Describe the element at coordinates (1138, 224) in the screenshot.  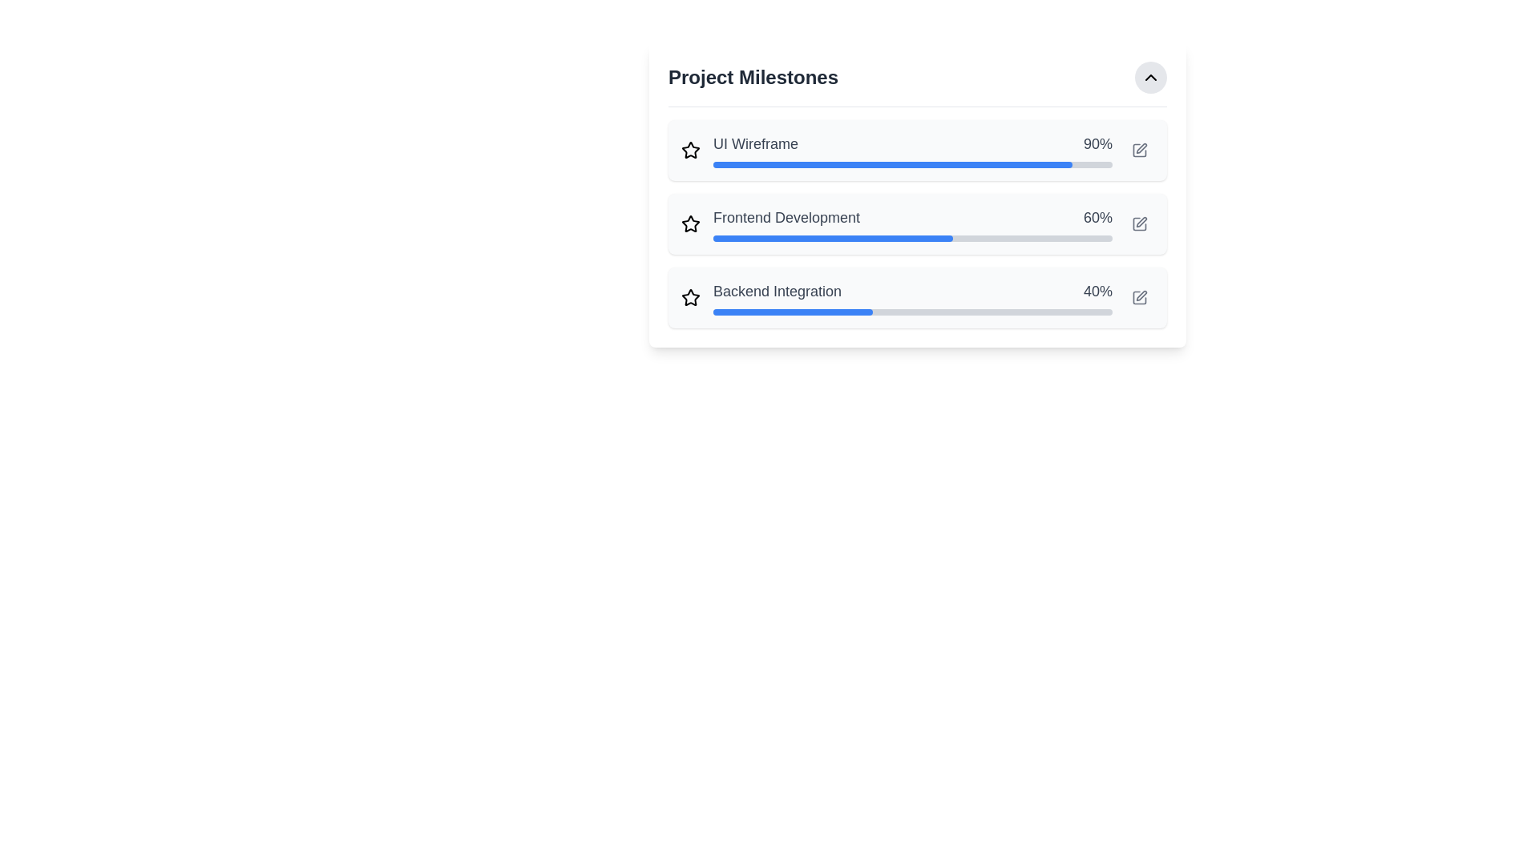
I see `the edit button for the 'Frontend Development' milestone, located to the right of its progress bar, to change its color` at that location.